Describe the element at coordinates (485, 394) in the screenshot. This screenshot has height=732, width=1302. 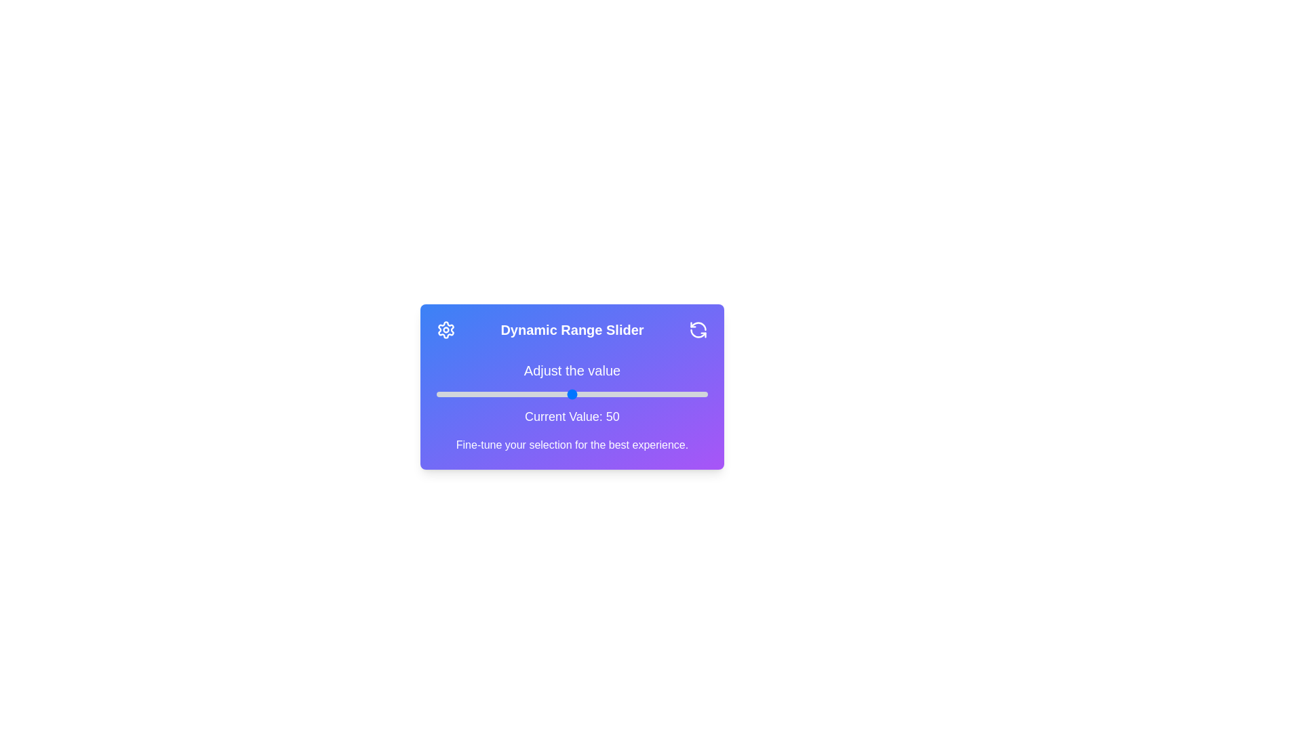
I see `the slider to set the value to 18` at that location.